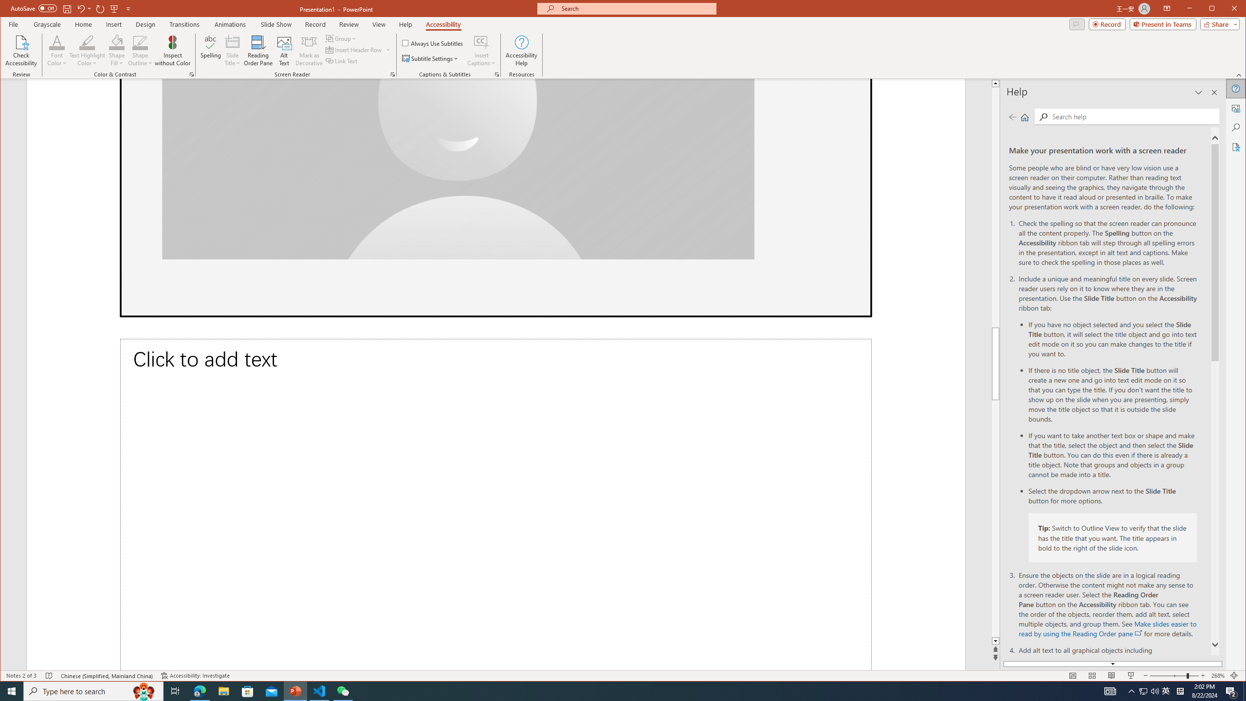  What do you see at coordinates (343, 690) in the screenshot?
I see `'WeChat - 1 running window'` at bounding box center [343, 690].